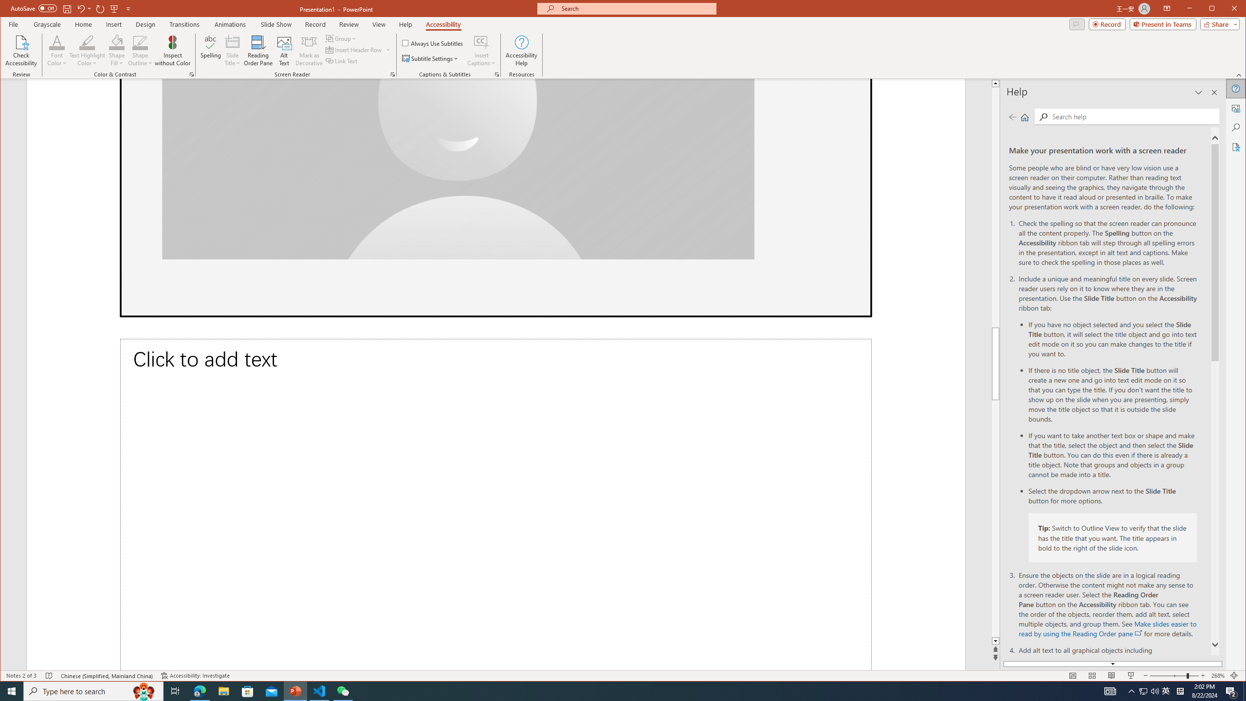  What do you see at coordinates (343, 690) in the screenshot?
I see `'WeChat - 1 running window'` at bounding box center [343, 690].